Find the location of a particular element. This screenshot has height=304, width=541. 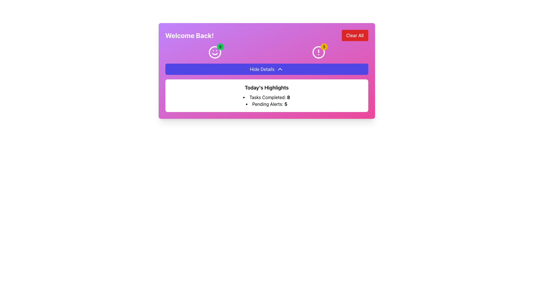

the circular smiley face icon that has a purple background and a green badge displaying the number '8' to trigger actions is located at coordinates (214, 52).